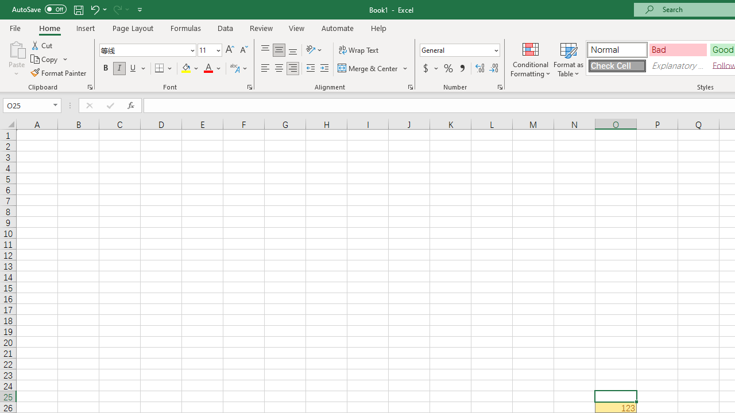  I want to click on 'Font Size', so click(206, 49).